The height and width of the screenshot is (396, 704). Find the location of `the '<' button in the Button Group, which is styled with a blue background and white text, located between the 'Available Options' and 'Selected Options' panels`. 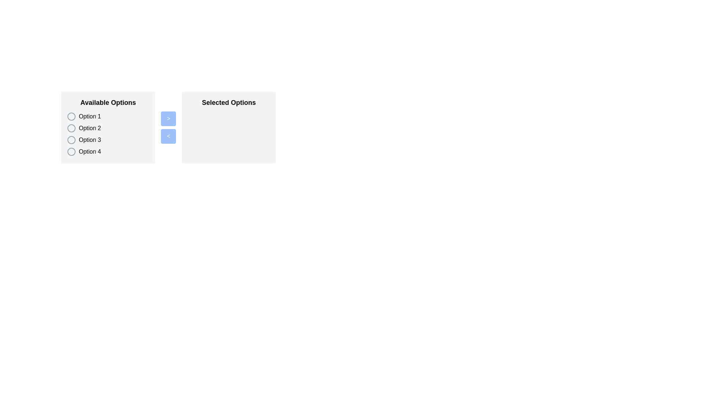

the '<' button in the Button Group, which is styled with a blue background and white text, located between the 'Available Options' and 'Selected Options' panels is located at coordinates (168, 127).